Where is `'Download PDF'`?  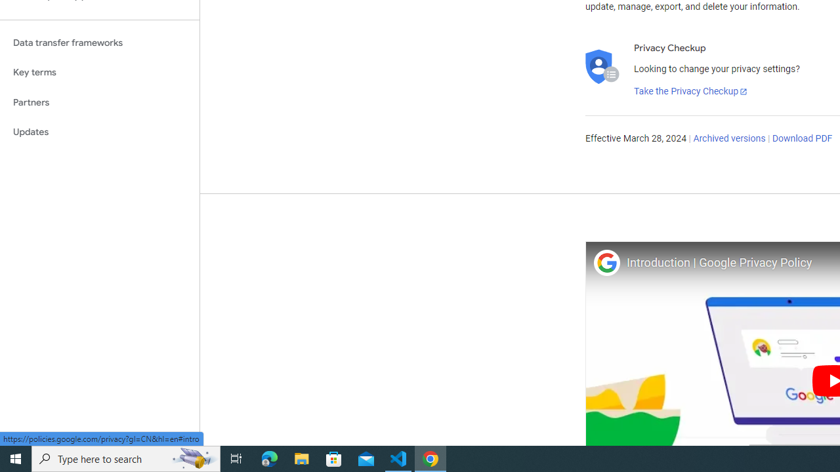
'Download PDF' is located at coordinates (801, 139).